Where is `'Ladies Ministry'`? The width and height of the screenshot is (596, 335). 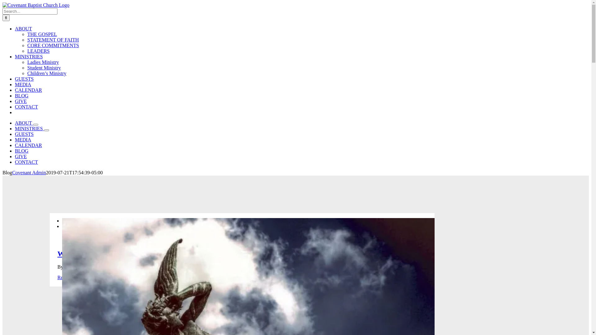
'Ladies Ministry' is located at coordinates (43, 62).